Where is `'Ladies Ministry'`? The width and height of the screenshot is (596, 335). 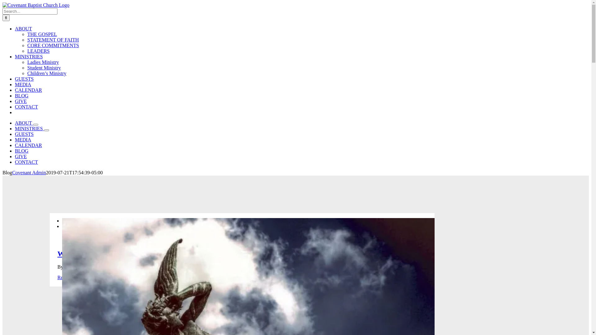
'Ladies Ministry' is located at coordinates (43, 62).